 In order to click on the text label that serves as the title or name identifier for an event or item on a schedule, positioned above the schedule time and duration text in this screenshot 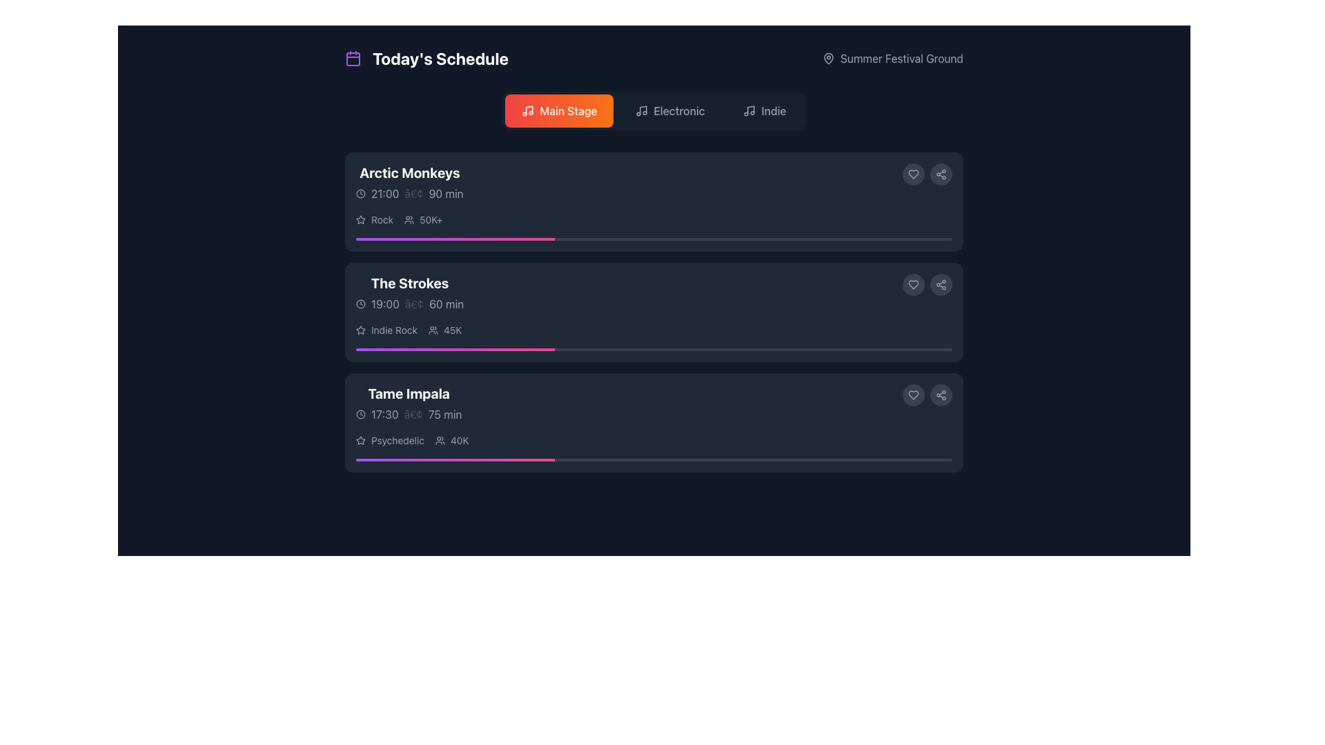, I will do `click(407, 393)`.